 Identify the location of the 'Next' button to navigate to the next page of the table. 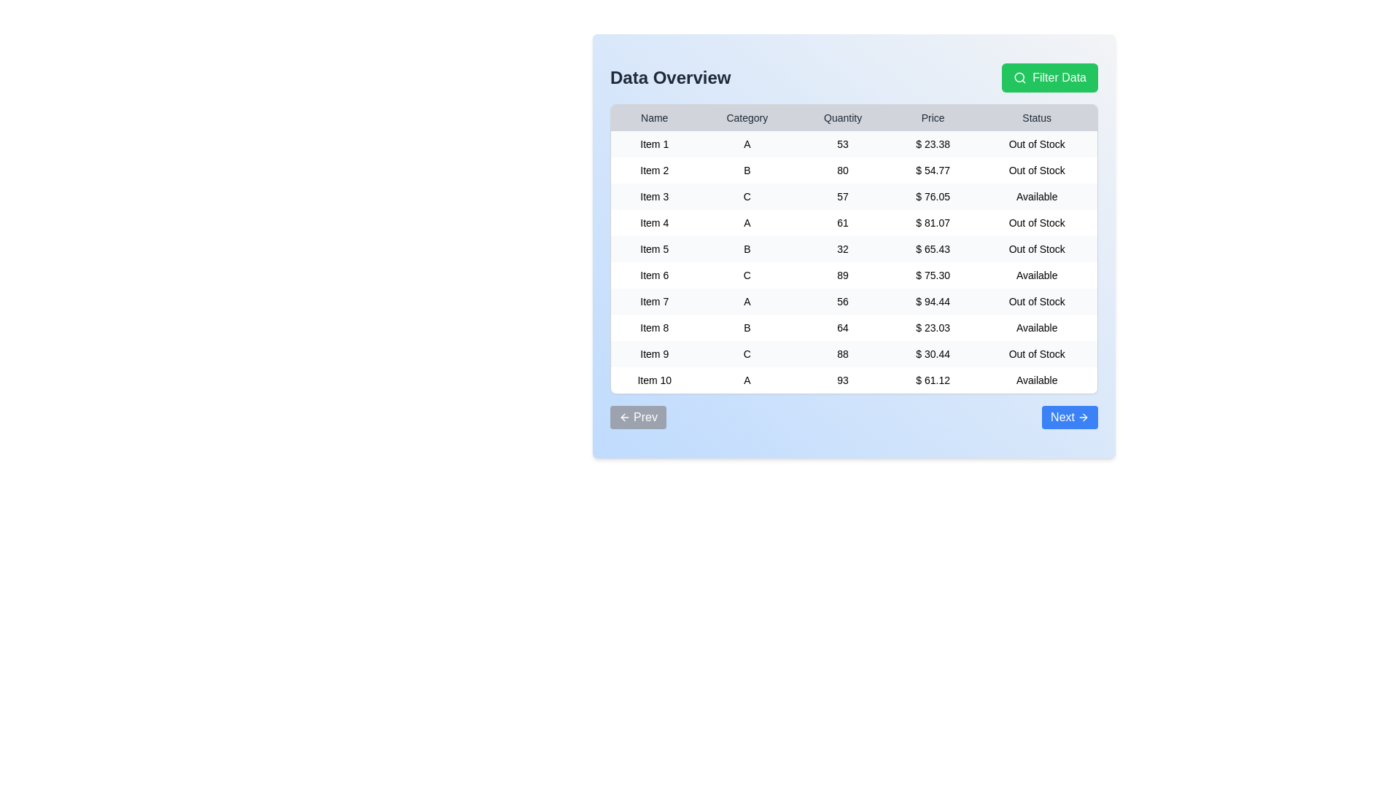
(1070, 418).